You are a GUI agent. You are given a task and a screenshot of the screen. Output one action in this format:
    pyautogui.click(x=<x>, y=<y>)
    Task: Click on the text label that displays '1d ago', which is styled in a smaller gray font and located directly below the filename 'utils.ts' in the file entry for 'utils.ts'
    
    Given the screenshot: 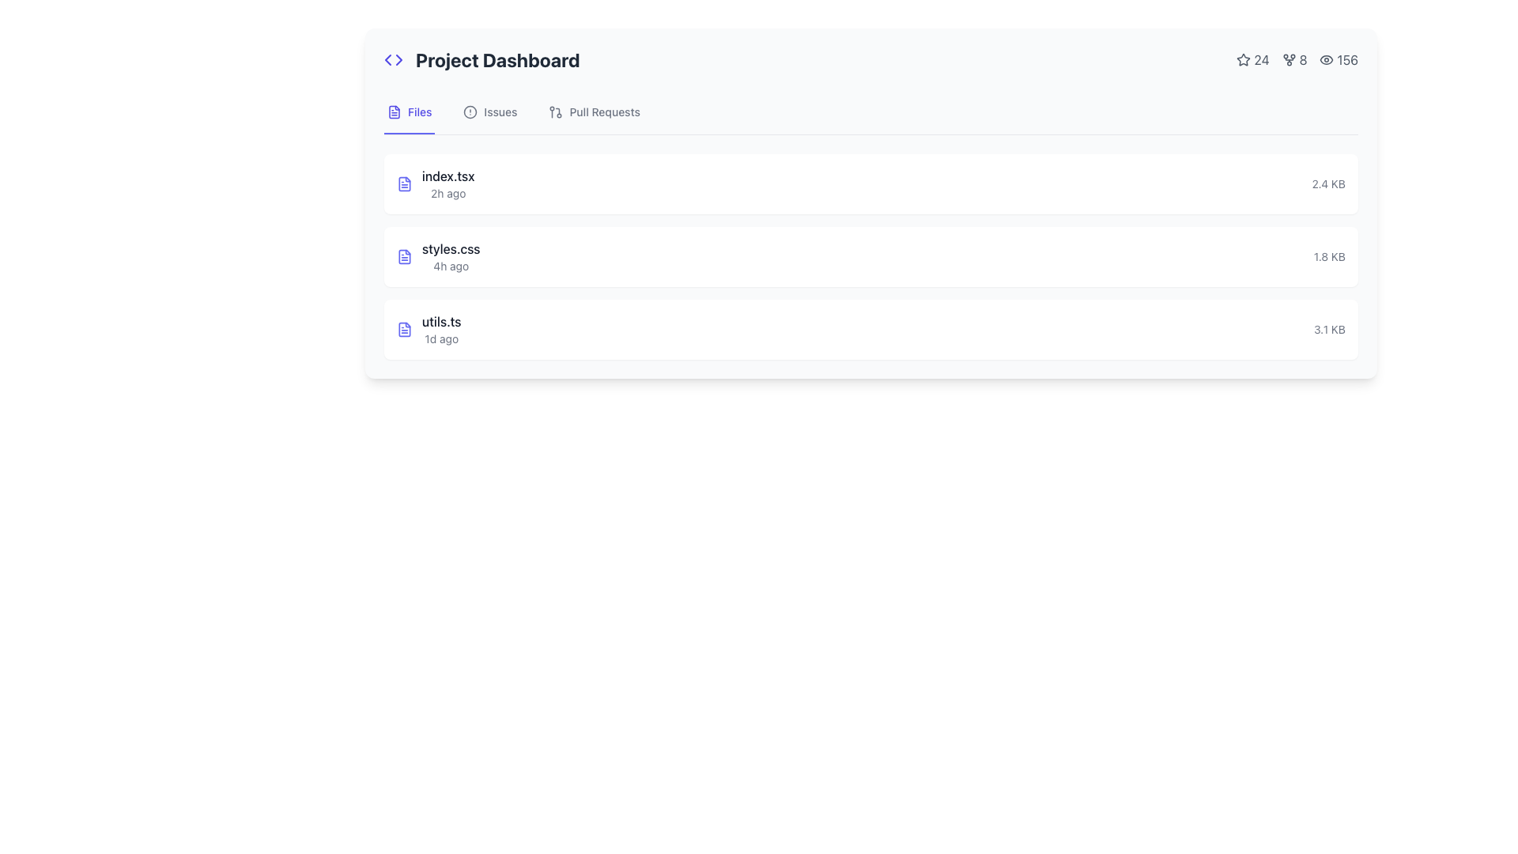 What is the action you would take?
    pyautogui.click(x=441, y=338)
    